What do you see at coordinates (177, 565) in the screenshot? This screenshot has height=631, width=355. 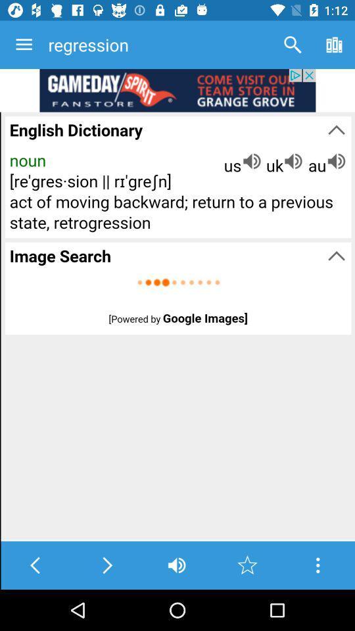 I see `hear prononciation of word` at bounding box center [177, 565].